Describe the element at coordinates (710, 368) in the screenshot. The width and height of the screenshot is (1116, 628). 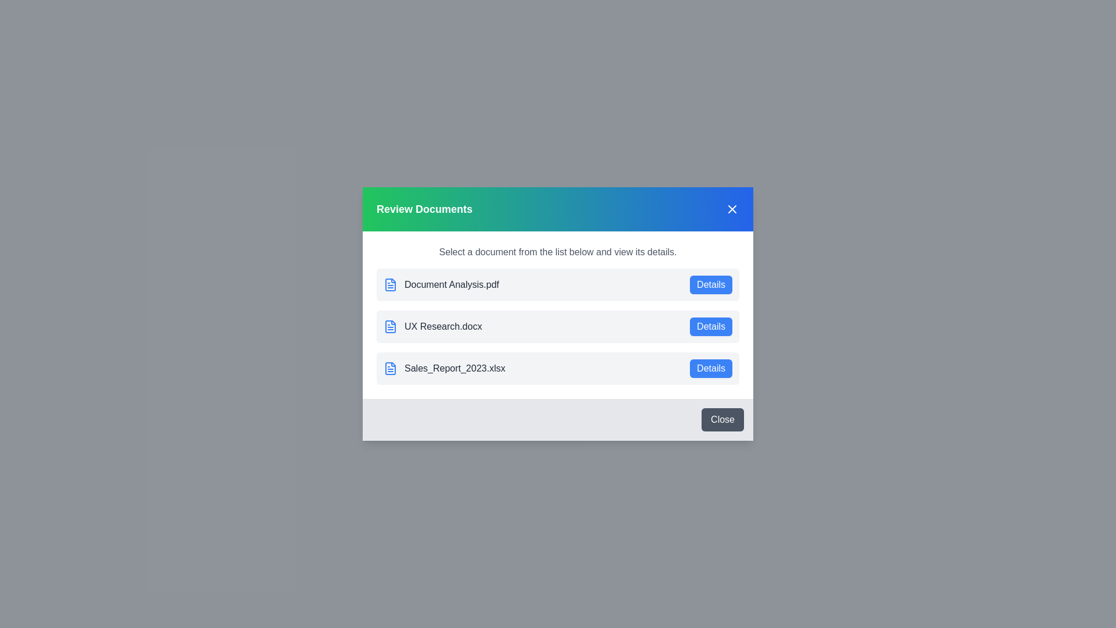
I see `the 'Details' button for the document Sales_Report_2023.xlsx` at that location.